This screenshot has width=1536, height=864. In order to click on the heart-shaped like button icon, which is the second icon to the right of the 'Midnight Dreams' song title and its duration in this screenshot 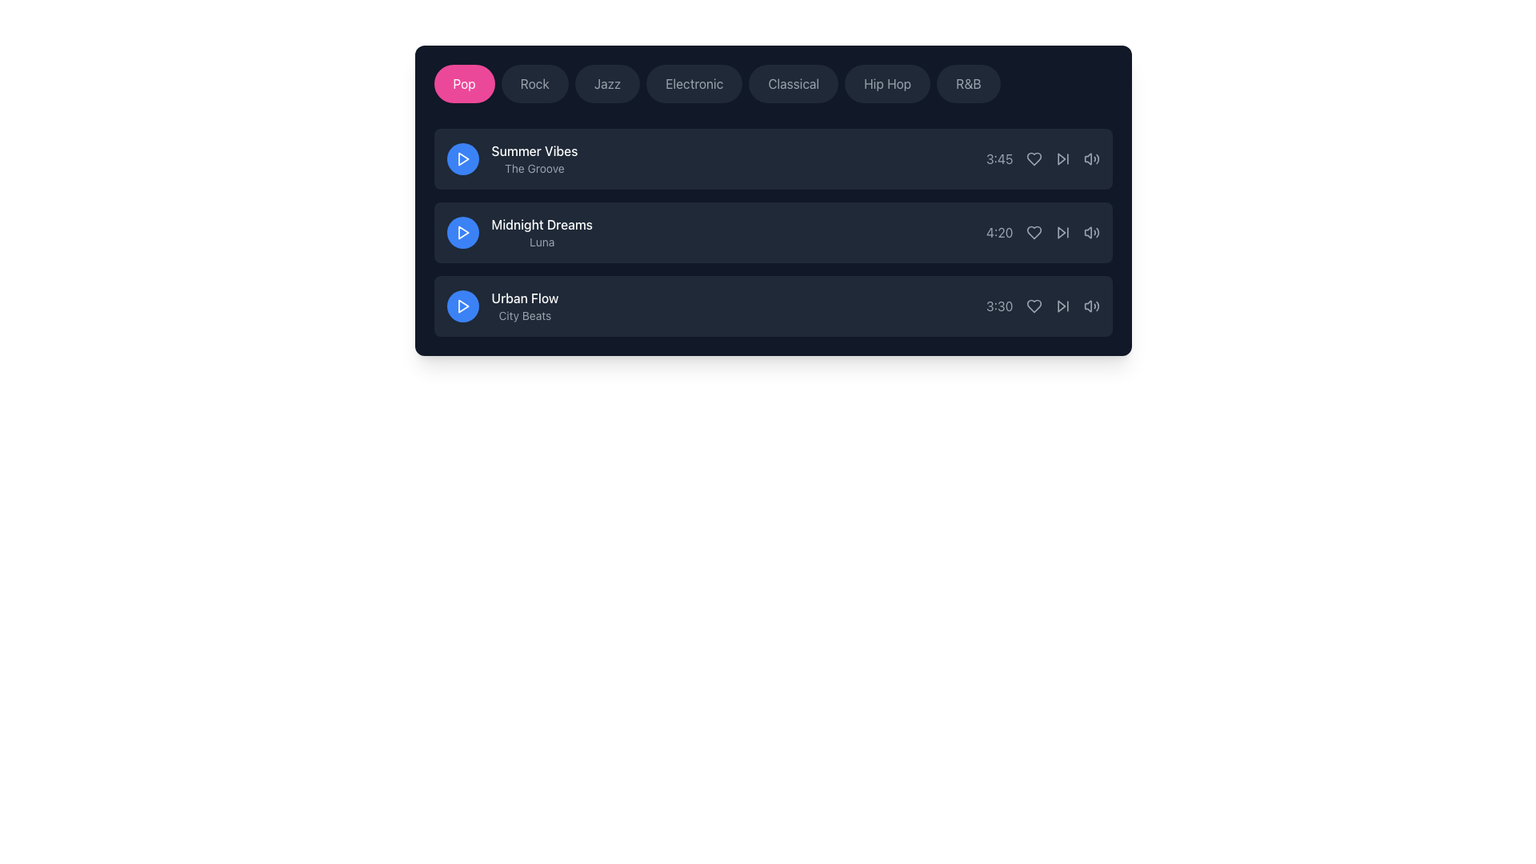, I will do `click(1034, 232)`.